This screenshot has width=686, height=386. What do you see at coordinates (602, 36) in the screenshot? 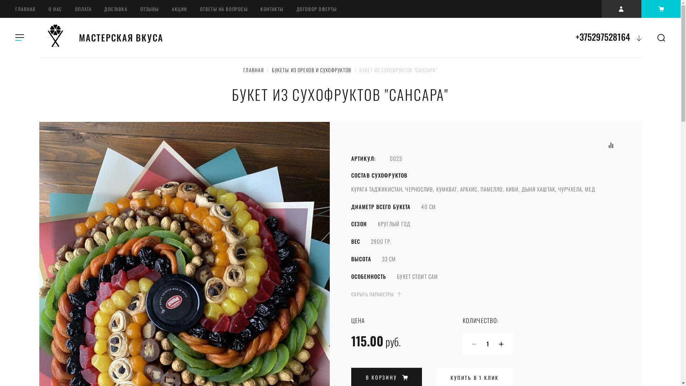
I see `'+375297528164'` at bounding box center [602, 36].